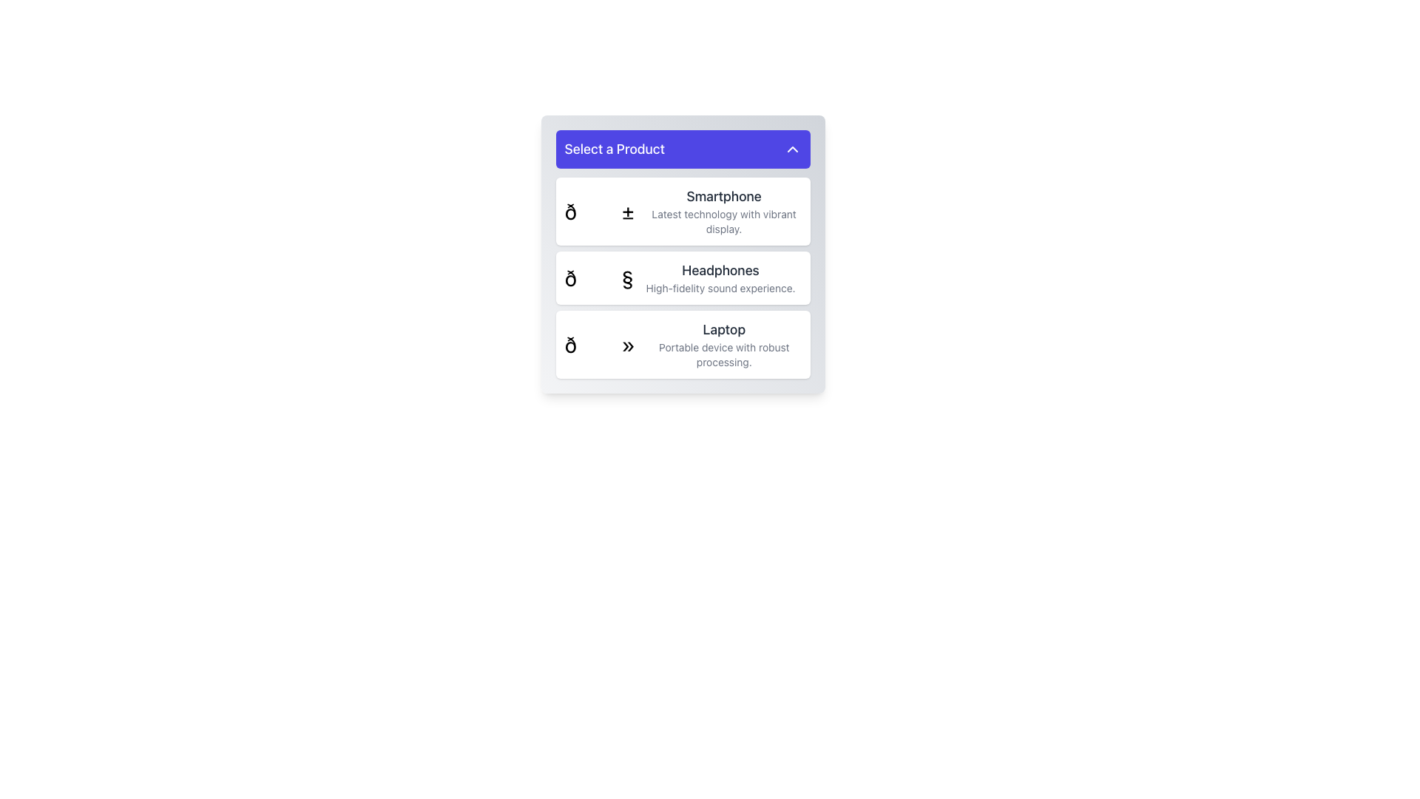  Describe the element at coordinates (791, 149) in the screenshot. I see `the chevron icon located at the far right of the purple header 'Select a Product'` at that location.